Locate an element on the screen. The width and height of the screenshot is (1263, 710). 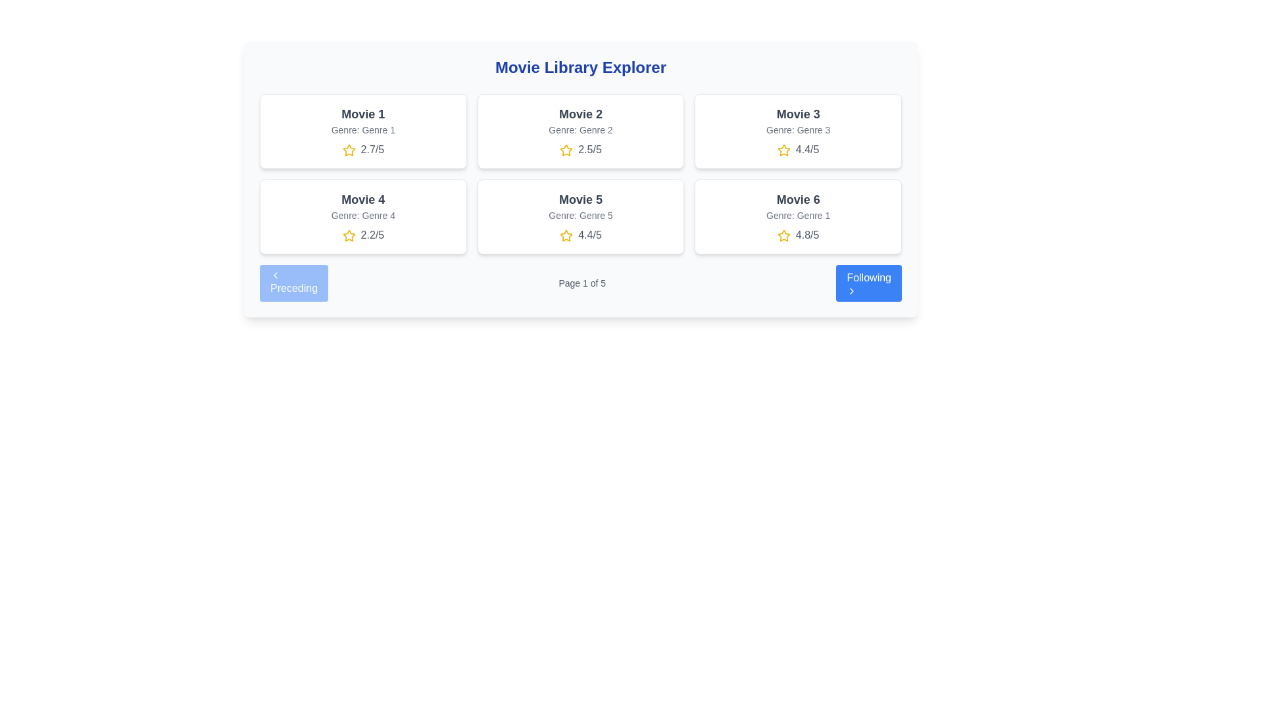
the rating display text showing '2.7/5' in gray color, located next to a yellow star icon under the 'Movie 1' title is located at coordinates (372, 149).